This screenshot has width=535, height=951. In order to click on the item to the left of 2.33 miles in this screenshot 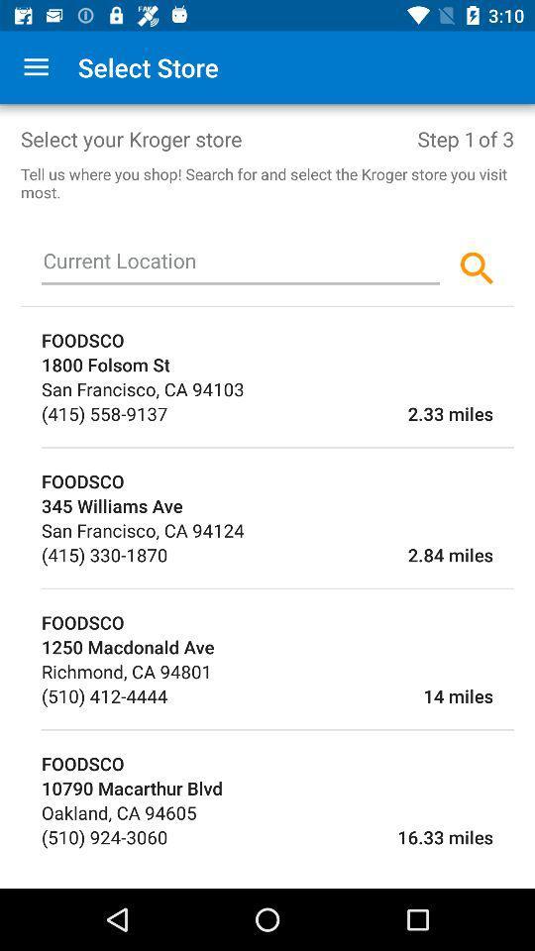, I will do `click(104, 412)`.